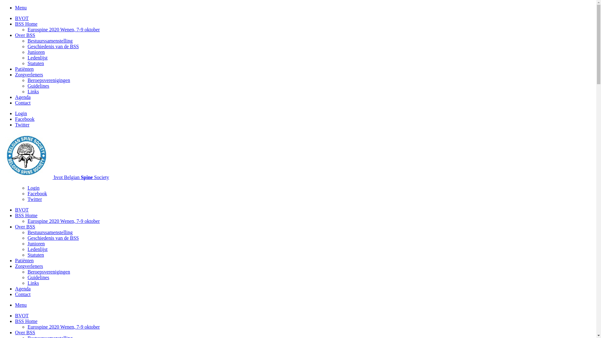 Image resolution: width=601 pixels, height=338 pixels. Describe the element at coordinates (64, 221) in the screenshot. I see `'Eurospine 2020 Wenen, 7-9 oktober'` at that location.